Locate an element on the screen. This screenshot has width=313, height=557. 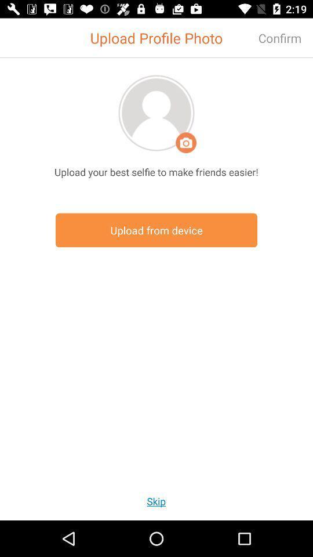
profile is located at coordinates (156, 113).